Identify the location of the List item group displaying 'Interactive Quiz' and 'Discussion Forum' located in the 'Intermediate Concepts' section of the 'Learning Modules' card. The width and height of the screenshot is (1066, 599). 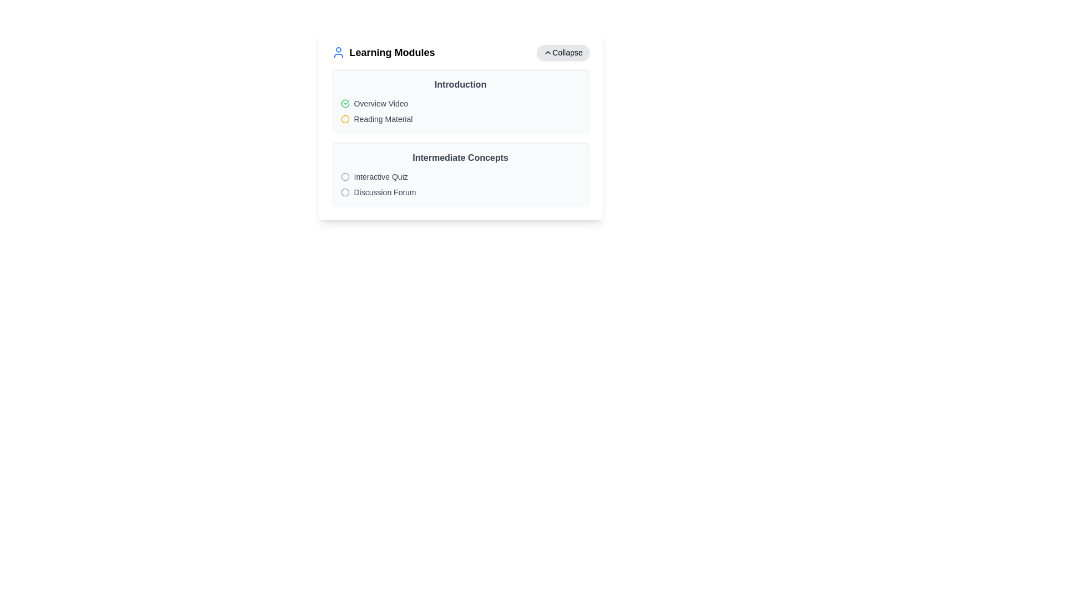
(460, 184).